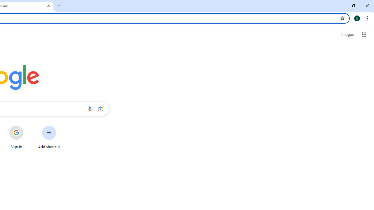 The height and width of the screenshot is (210, 374). Describe the element at coordinates (342, 18) in the screenshot. I see `'Bookmark this tab'` at that location.